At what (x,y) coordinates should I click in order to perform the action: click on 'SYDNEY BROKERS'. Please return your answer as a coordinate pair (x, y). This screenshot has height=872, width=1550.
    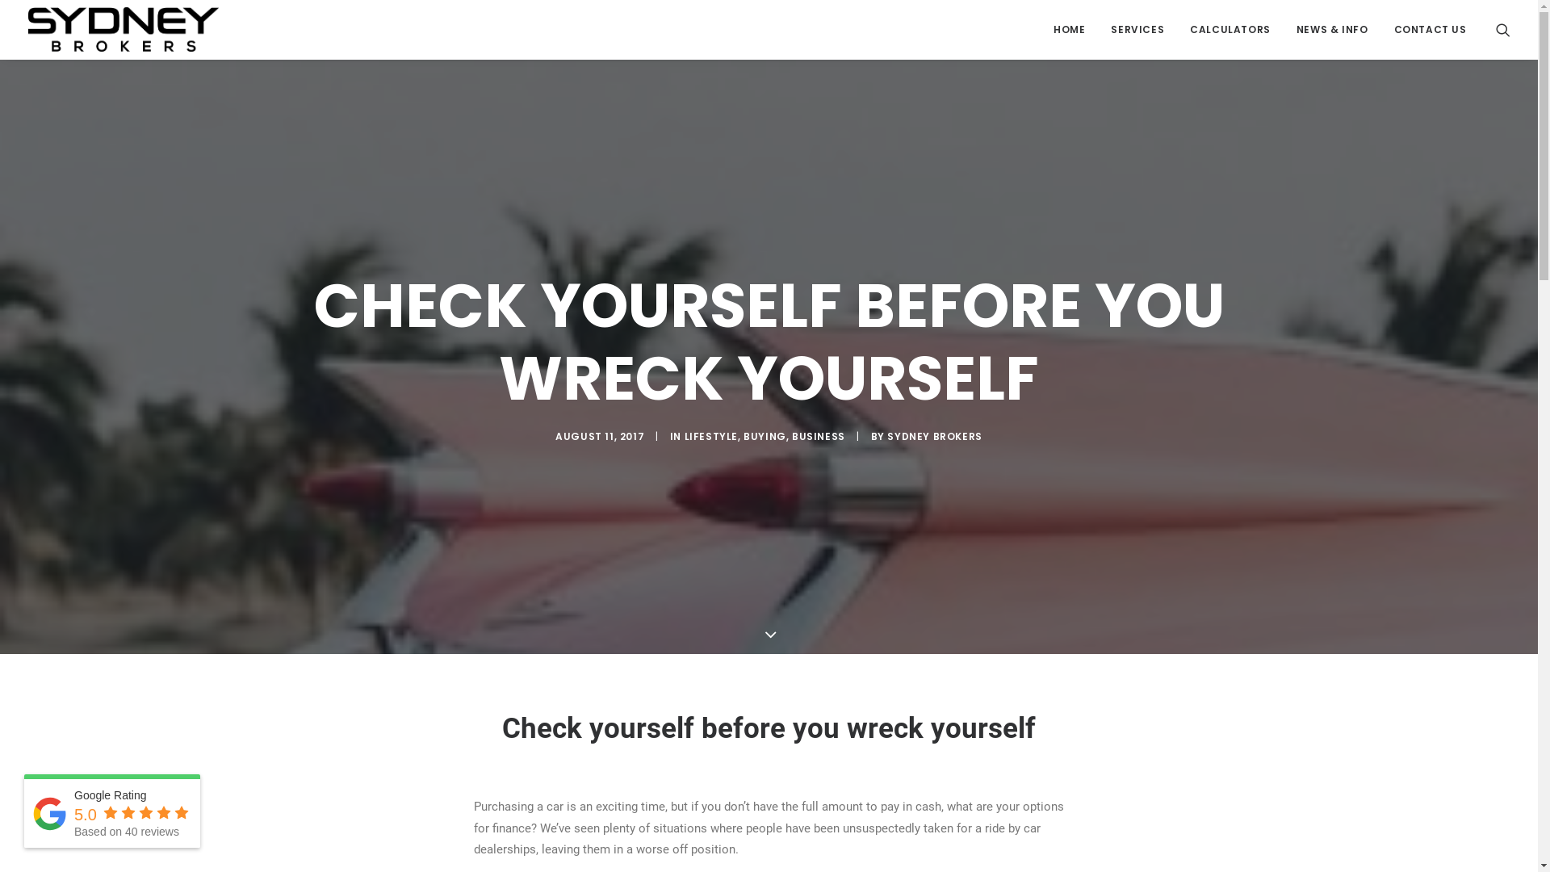
    Looking at the image, I should click on (934, 436).